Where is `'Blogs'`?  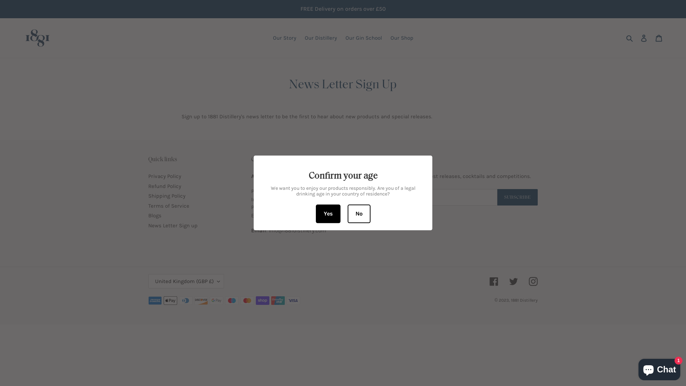 'Blogs' is located at coordinates (154, 215).